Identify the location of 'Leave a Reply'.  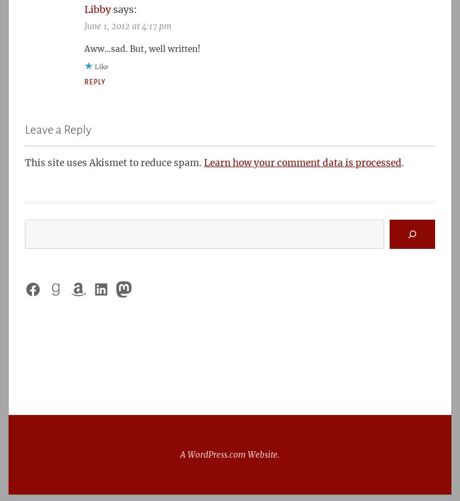
(24, 129).